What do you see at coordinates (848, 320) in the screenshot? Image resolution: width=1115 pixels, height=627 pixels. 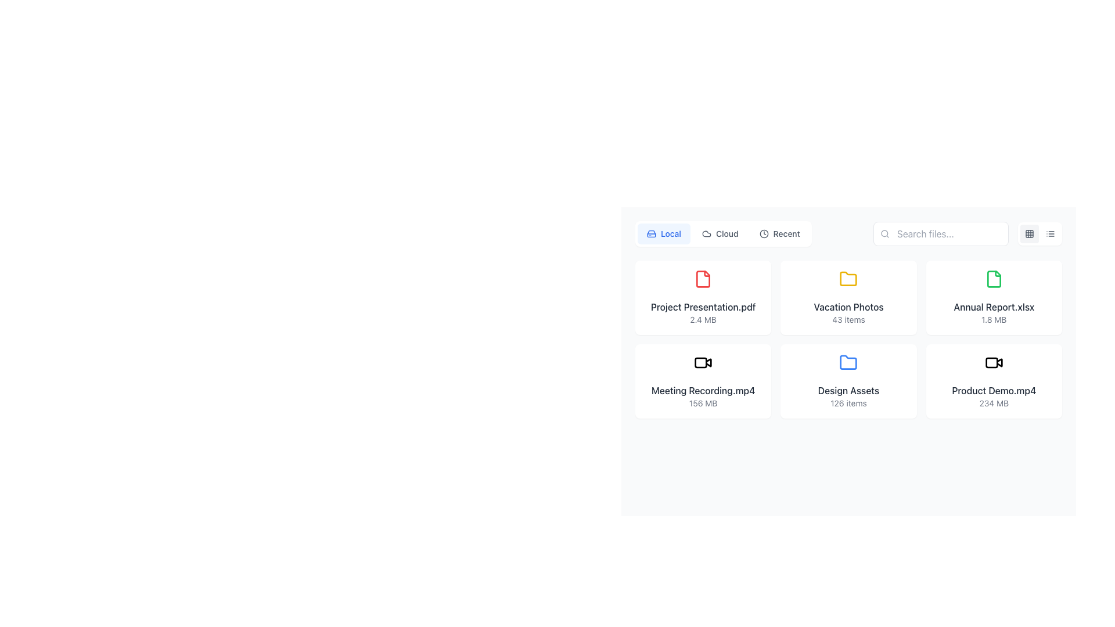 I see `the Text Label displaying metadata about the 'Vacation Photos' folder, which indicates there are 43 items in the folder` at bounding box center [848, 320].